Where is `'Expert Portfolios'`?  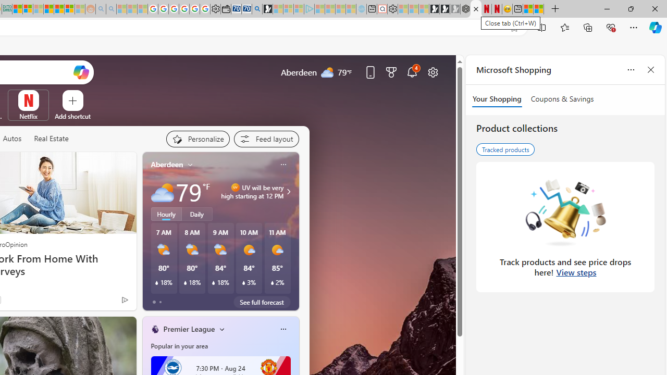
'Expert Portfolios' is located at coordinates (48, 9).